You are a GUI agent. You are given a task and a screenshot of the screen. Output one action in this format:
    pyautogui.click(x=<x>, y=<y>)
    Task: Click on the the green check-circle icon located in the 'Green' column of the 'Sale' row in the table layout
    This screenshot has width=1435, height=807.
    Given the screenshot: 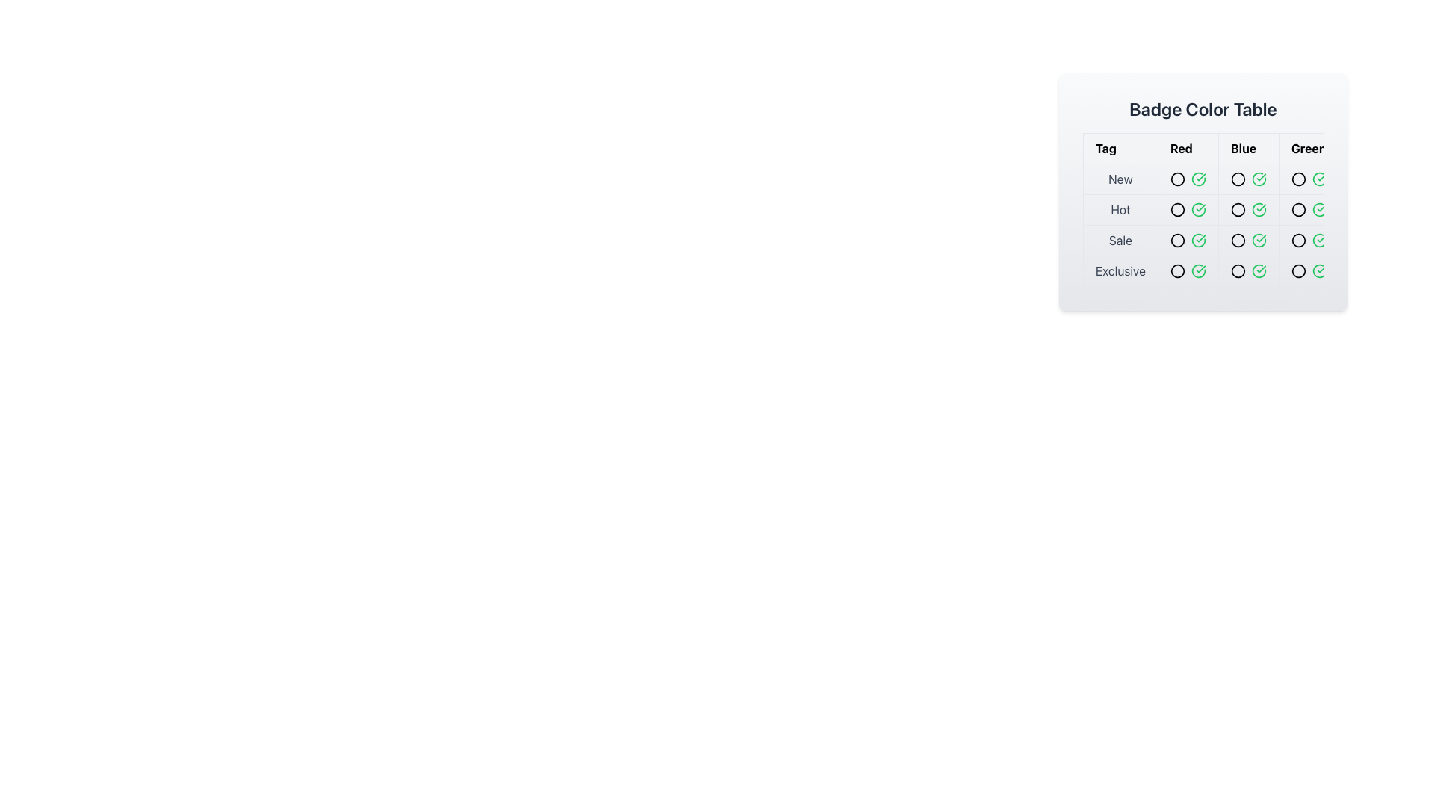 What is the action you would take?
    pyautogui.click(x=1198, y=239)
    